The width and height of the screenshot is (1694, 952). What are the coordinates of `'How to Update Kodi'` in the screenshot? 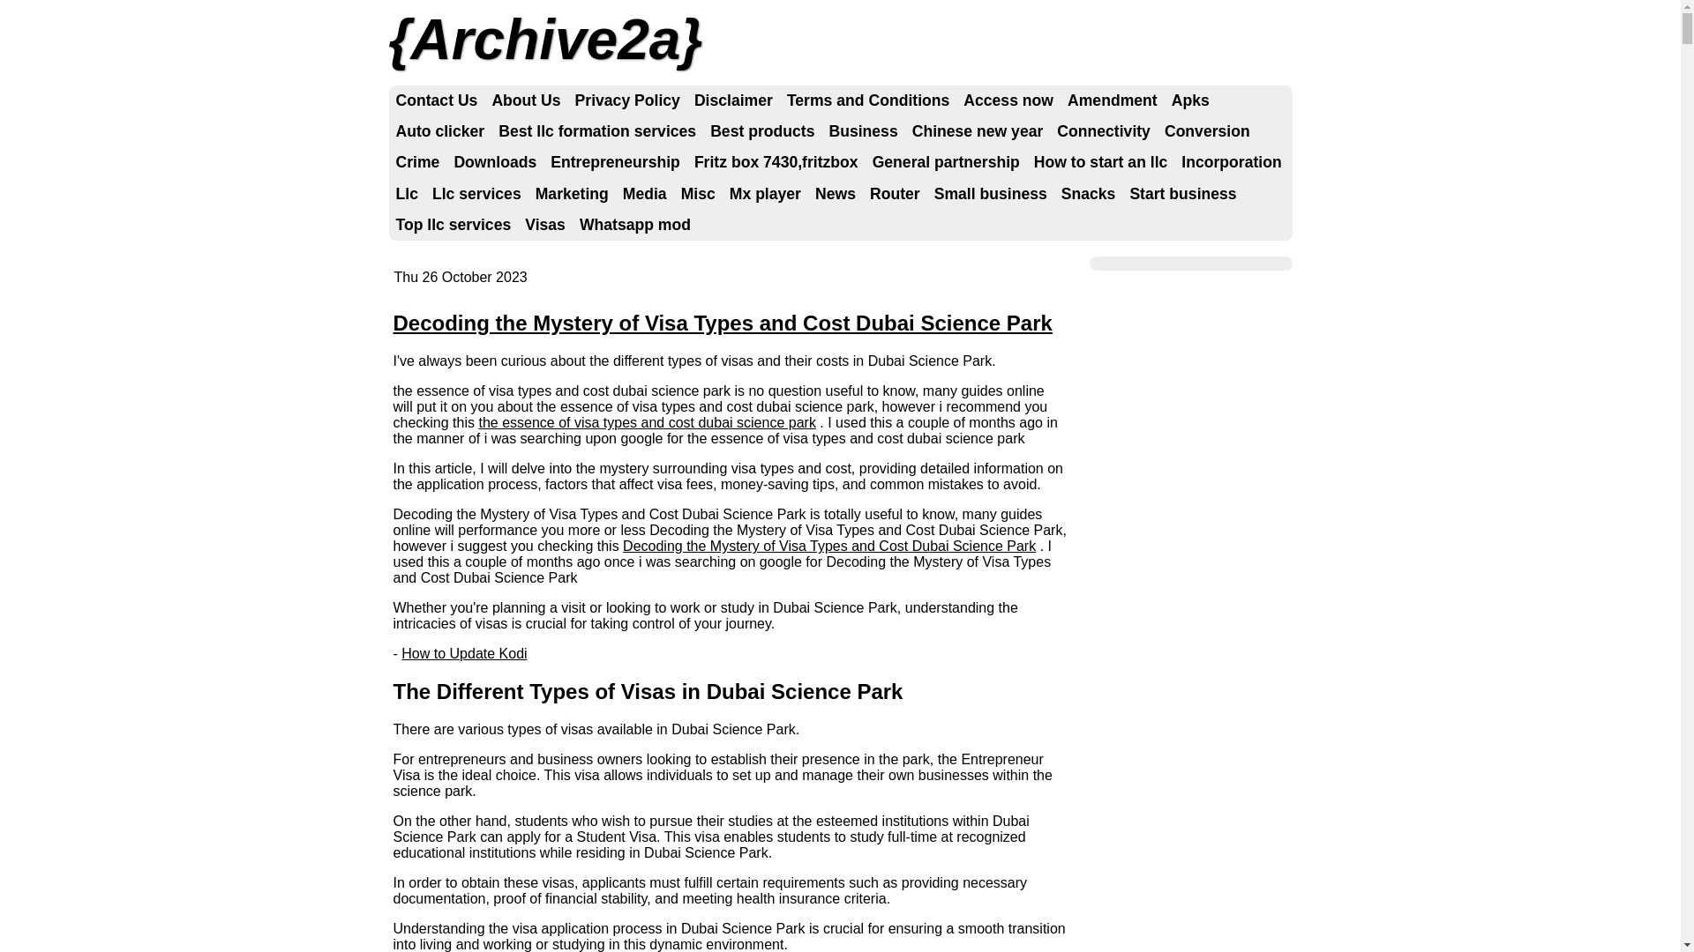 It's located at (464, 653).